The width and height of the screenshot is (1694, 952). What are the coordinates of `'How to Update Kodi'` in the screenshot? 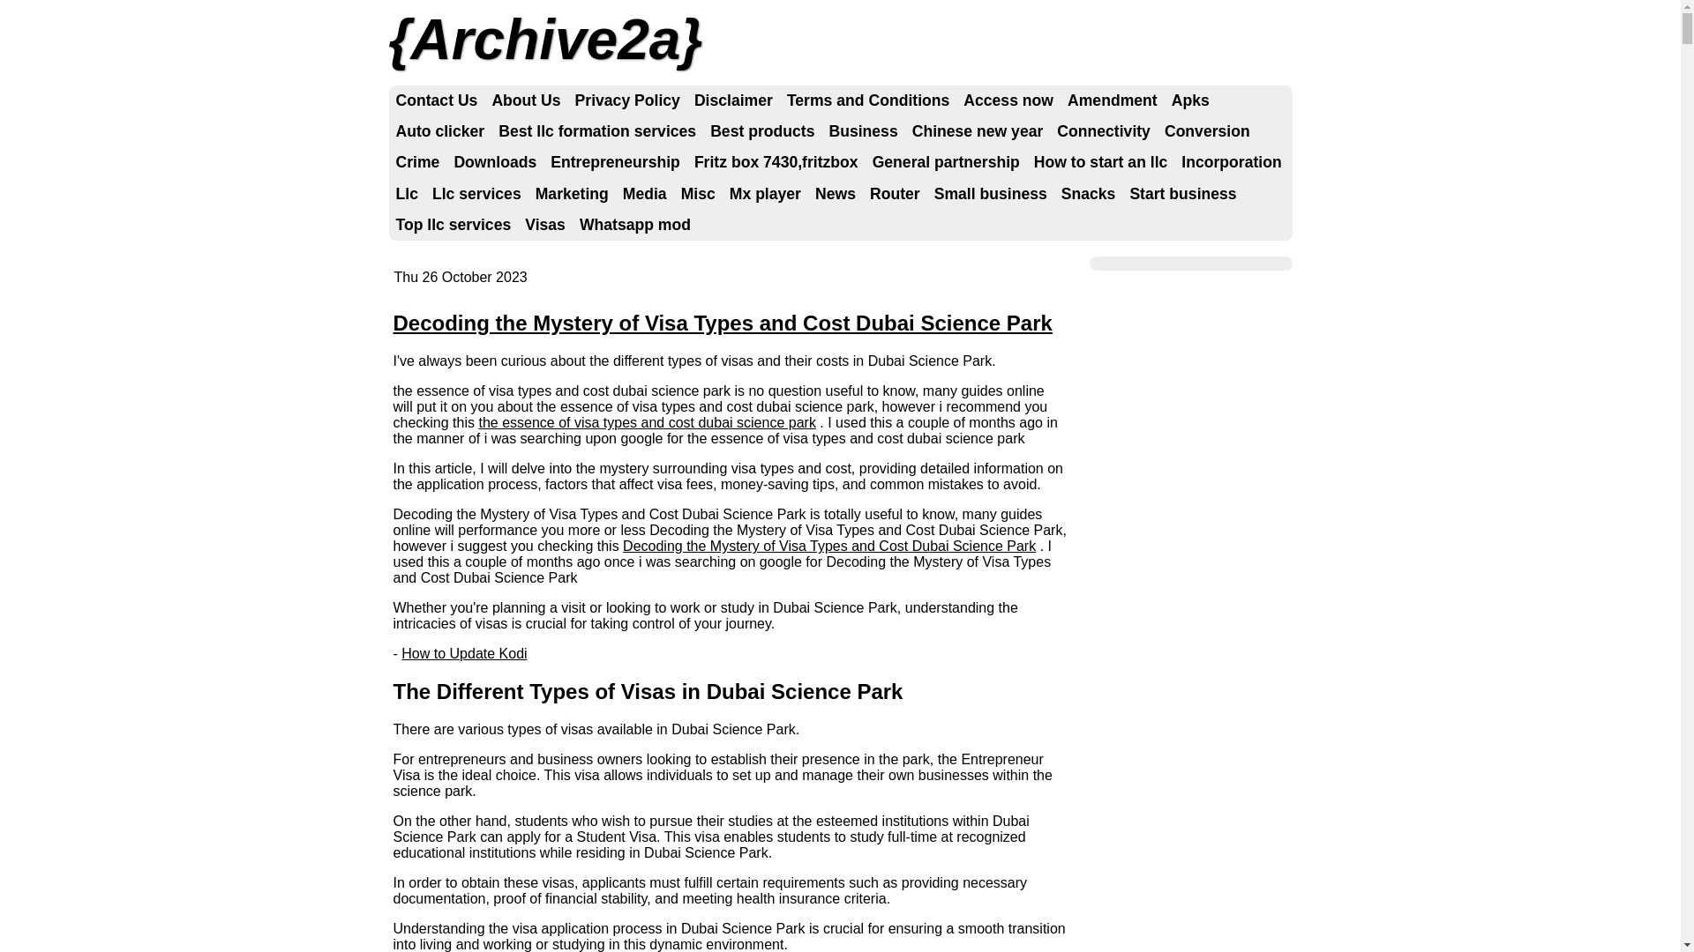 It's located at (464, 653).